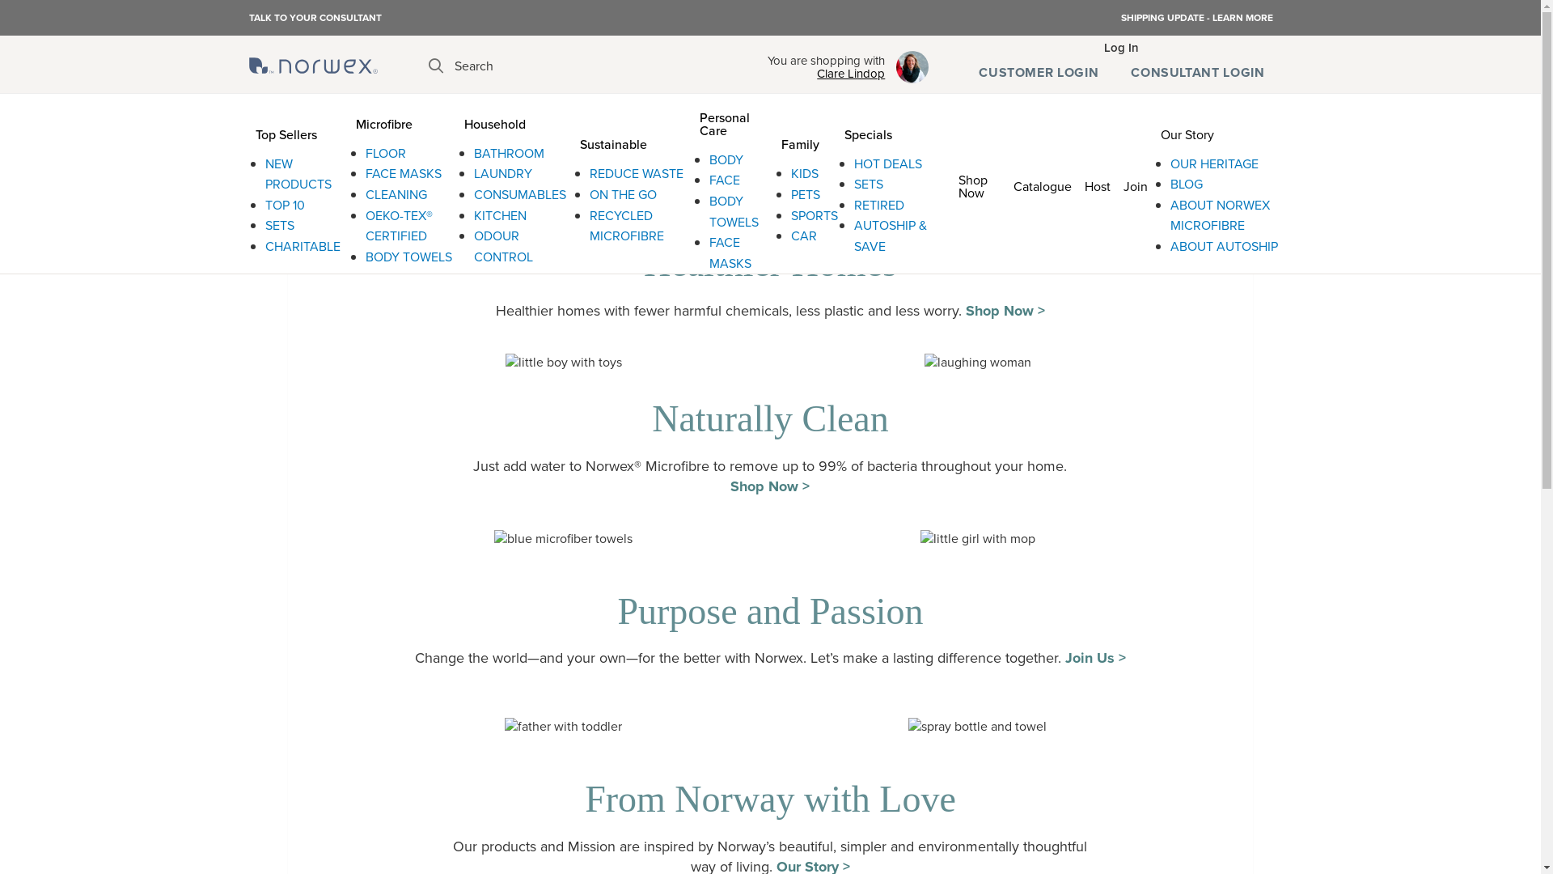  What do you see at coordinates (791, 173) in the screenshot?
I see `'KIDS'` at bounding box center [791, 173].